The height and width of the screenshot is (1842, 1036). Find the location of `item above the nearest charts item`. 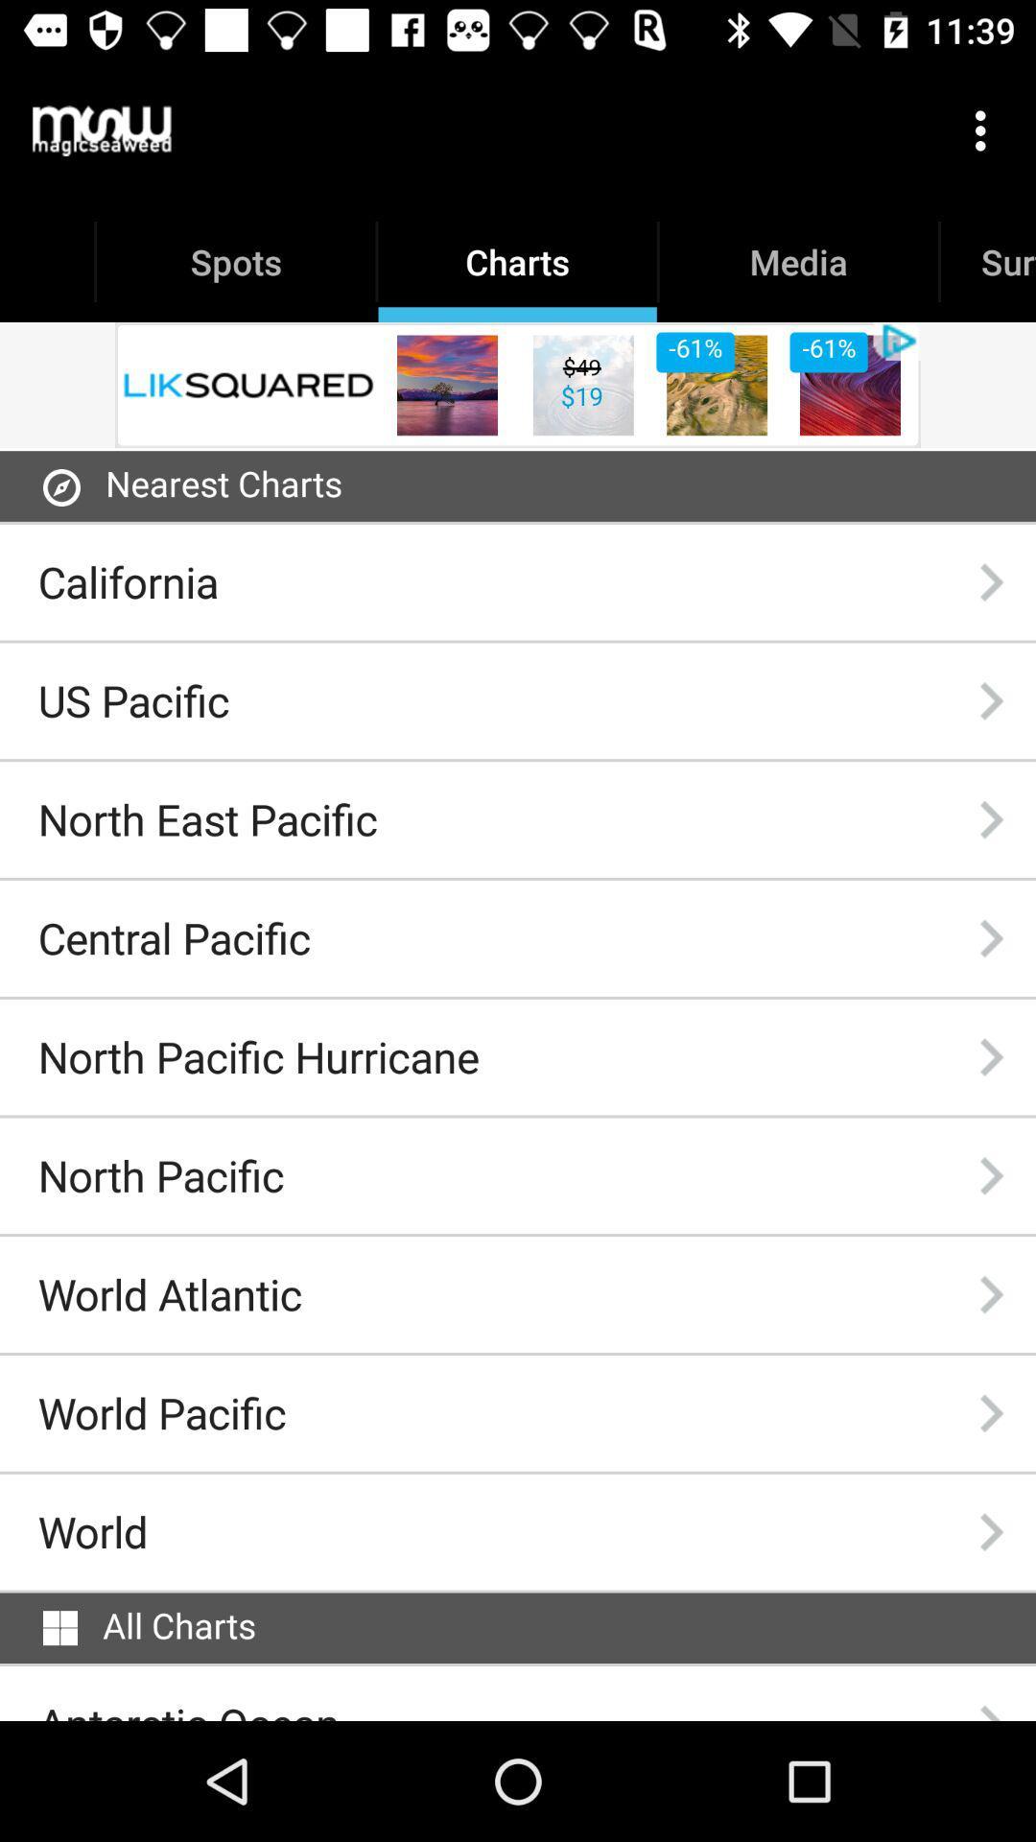

item above the nearest charts item is located at coordinates (518, 384).